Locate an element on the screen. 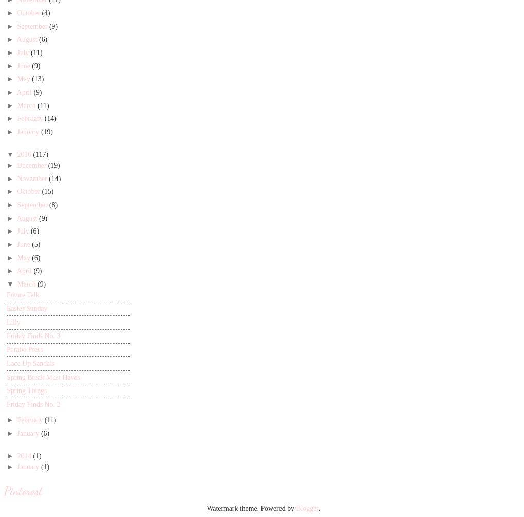  '(5)' is located at coordinates (35, 244).